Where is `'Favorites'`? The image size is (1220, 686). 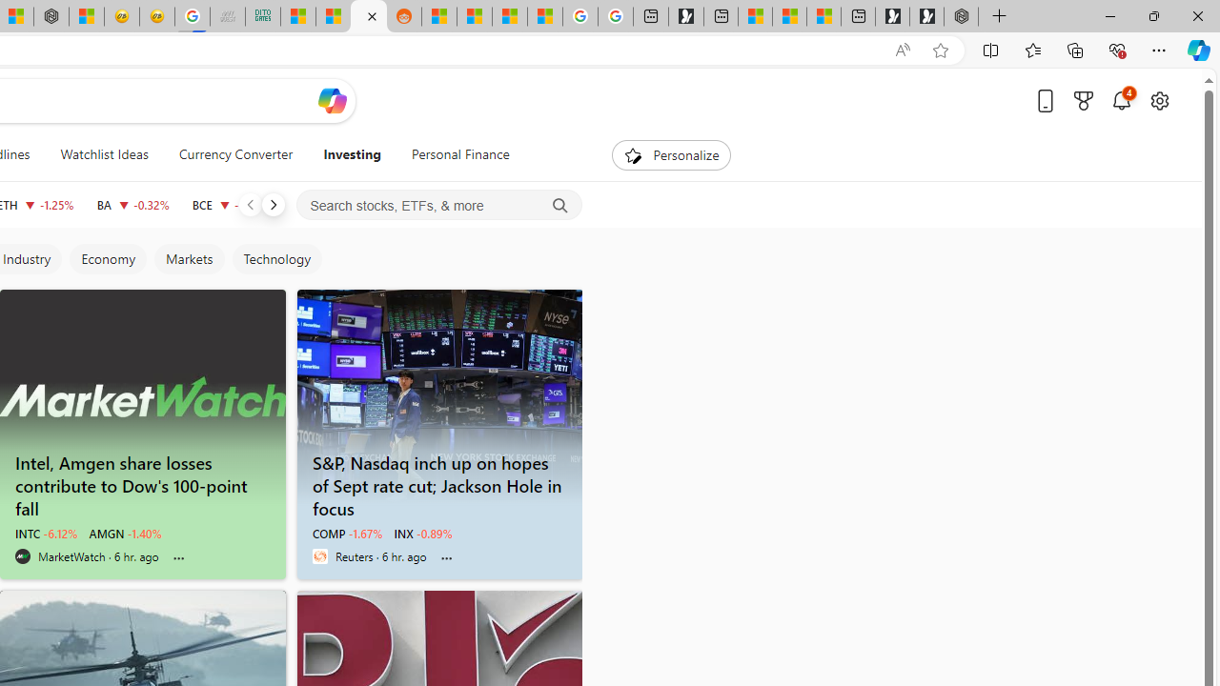 'Favorites' is located at coordinates (1031, 49).